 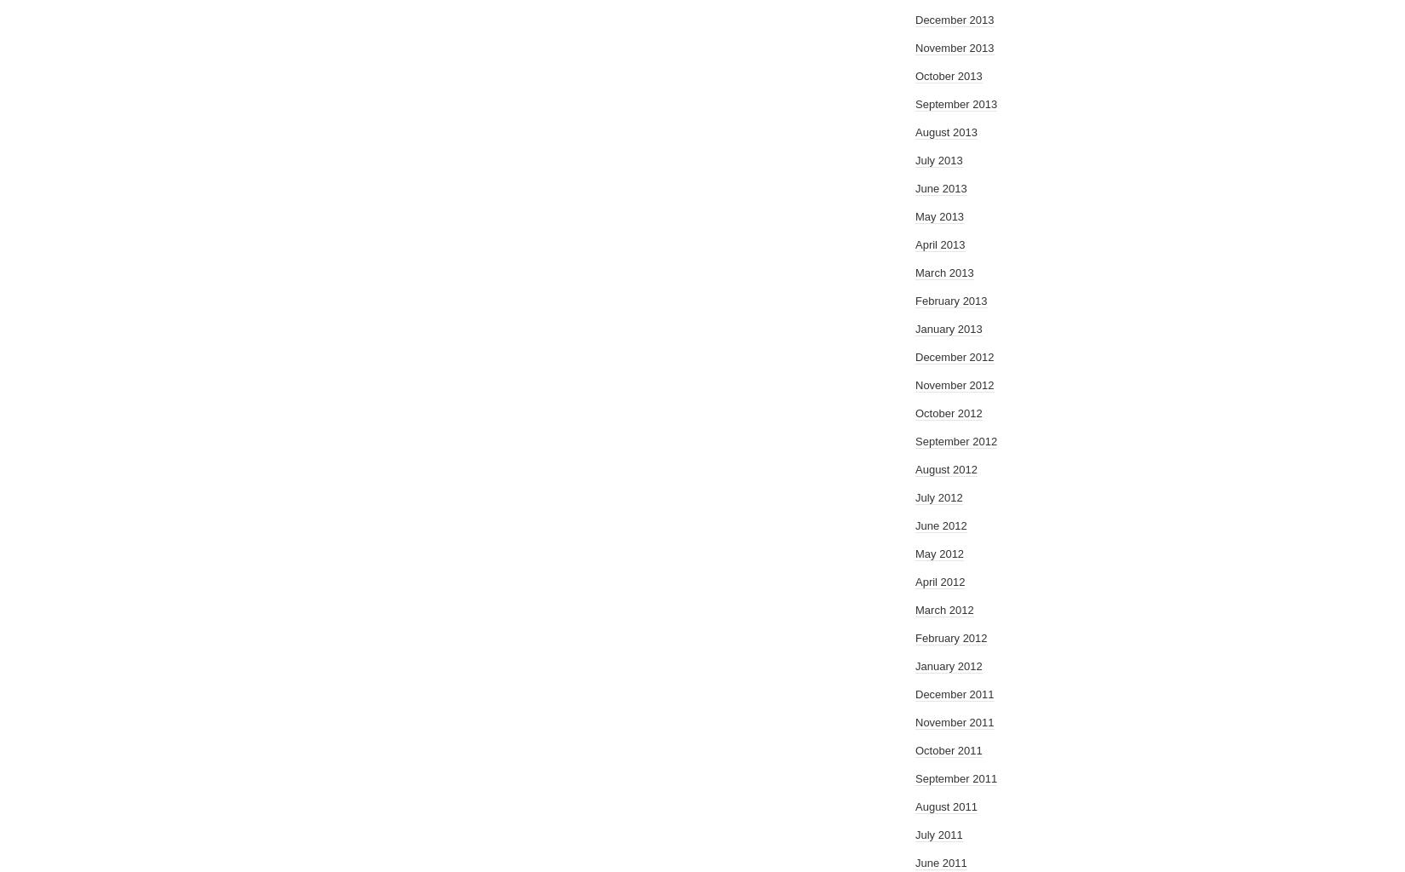 What do you see at coordinates (955, 20) in the screenshot?
I see `'December 2013'` at bounding box center [955, 20].